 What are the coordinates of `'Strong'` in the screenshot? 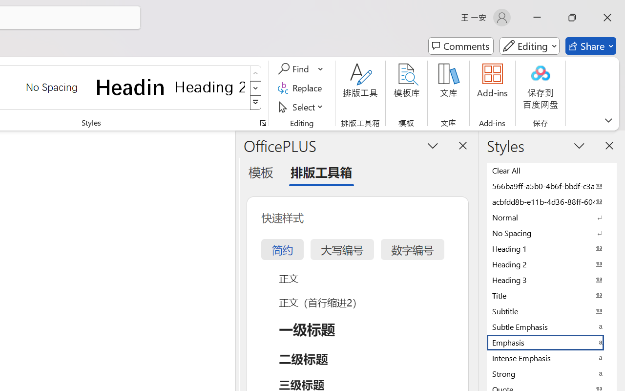 It's located at (552, 373).